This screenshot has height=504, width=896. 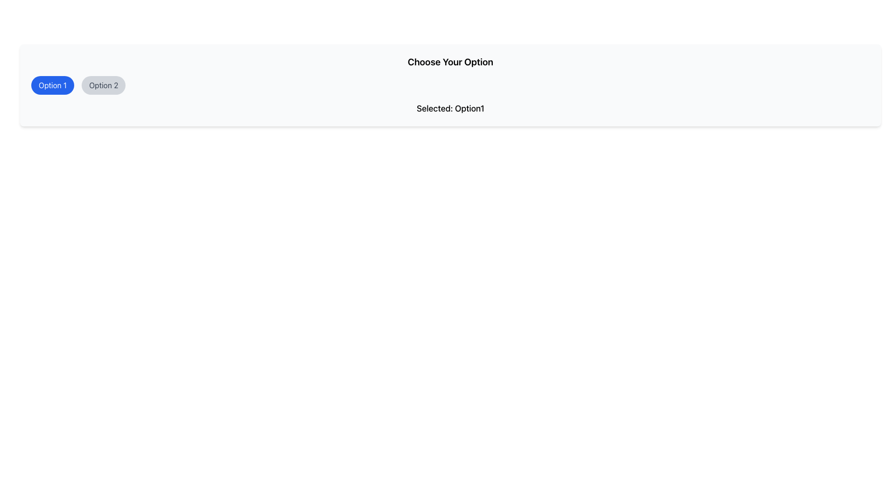 What do you see at coordinates (450, 108) in the screenshot?
I see `the text label displaying 'Selected: Option1', which is styled in bold and centered within the selection interface, located below the buttons 'Option 1' and 'Option 2'` at bounding box center [450, 108].